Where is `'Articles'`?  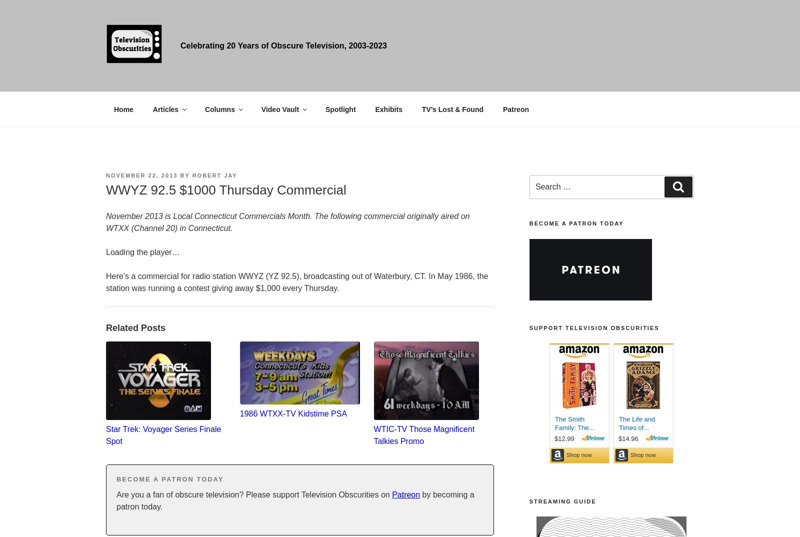 'Articles' is located at coordinates (165, 108).